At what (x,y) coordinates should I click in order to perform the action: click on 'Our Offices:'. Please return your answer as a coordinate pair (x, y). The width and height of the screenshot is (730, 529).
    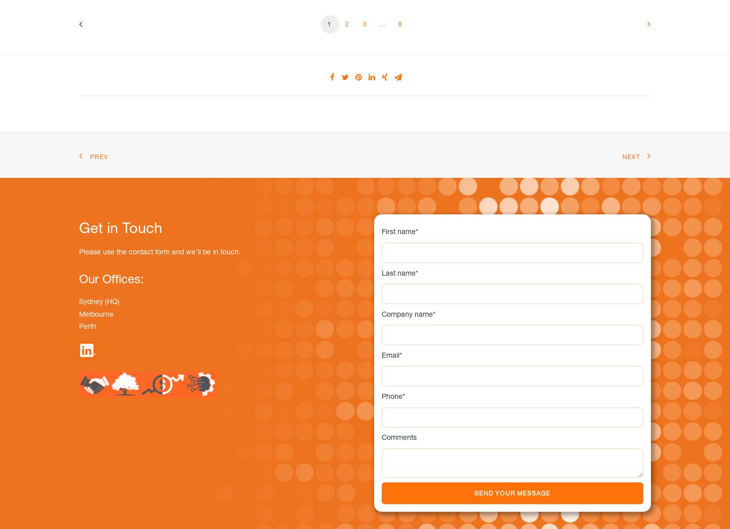
    Looking at the image, I should click on (112, 278).